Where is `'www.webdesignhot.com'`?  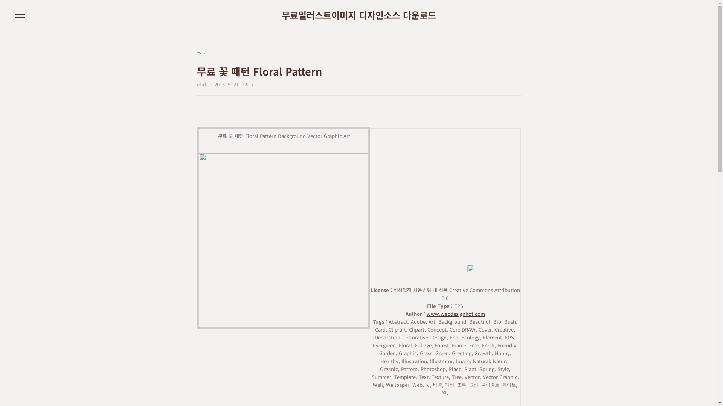
'www.webdesignhot.com' is located at coordinates (426, 314).